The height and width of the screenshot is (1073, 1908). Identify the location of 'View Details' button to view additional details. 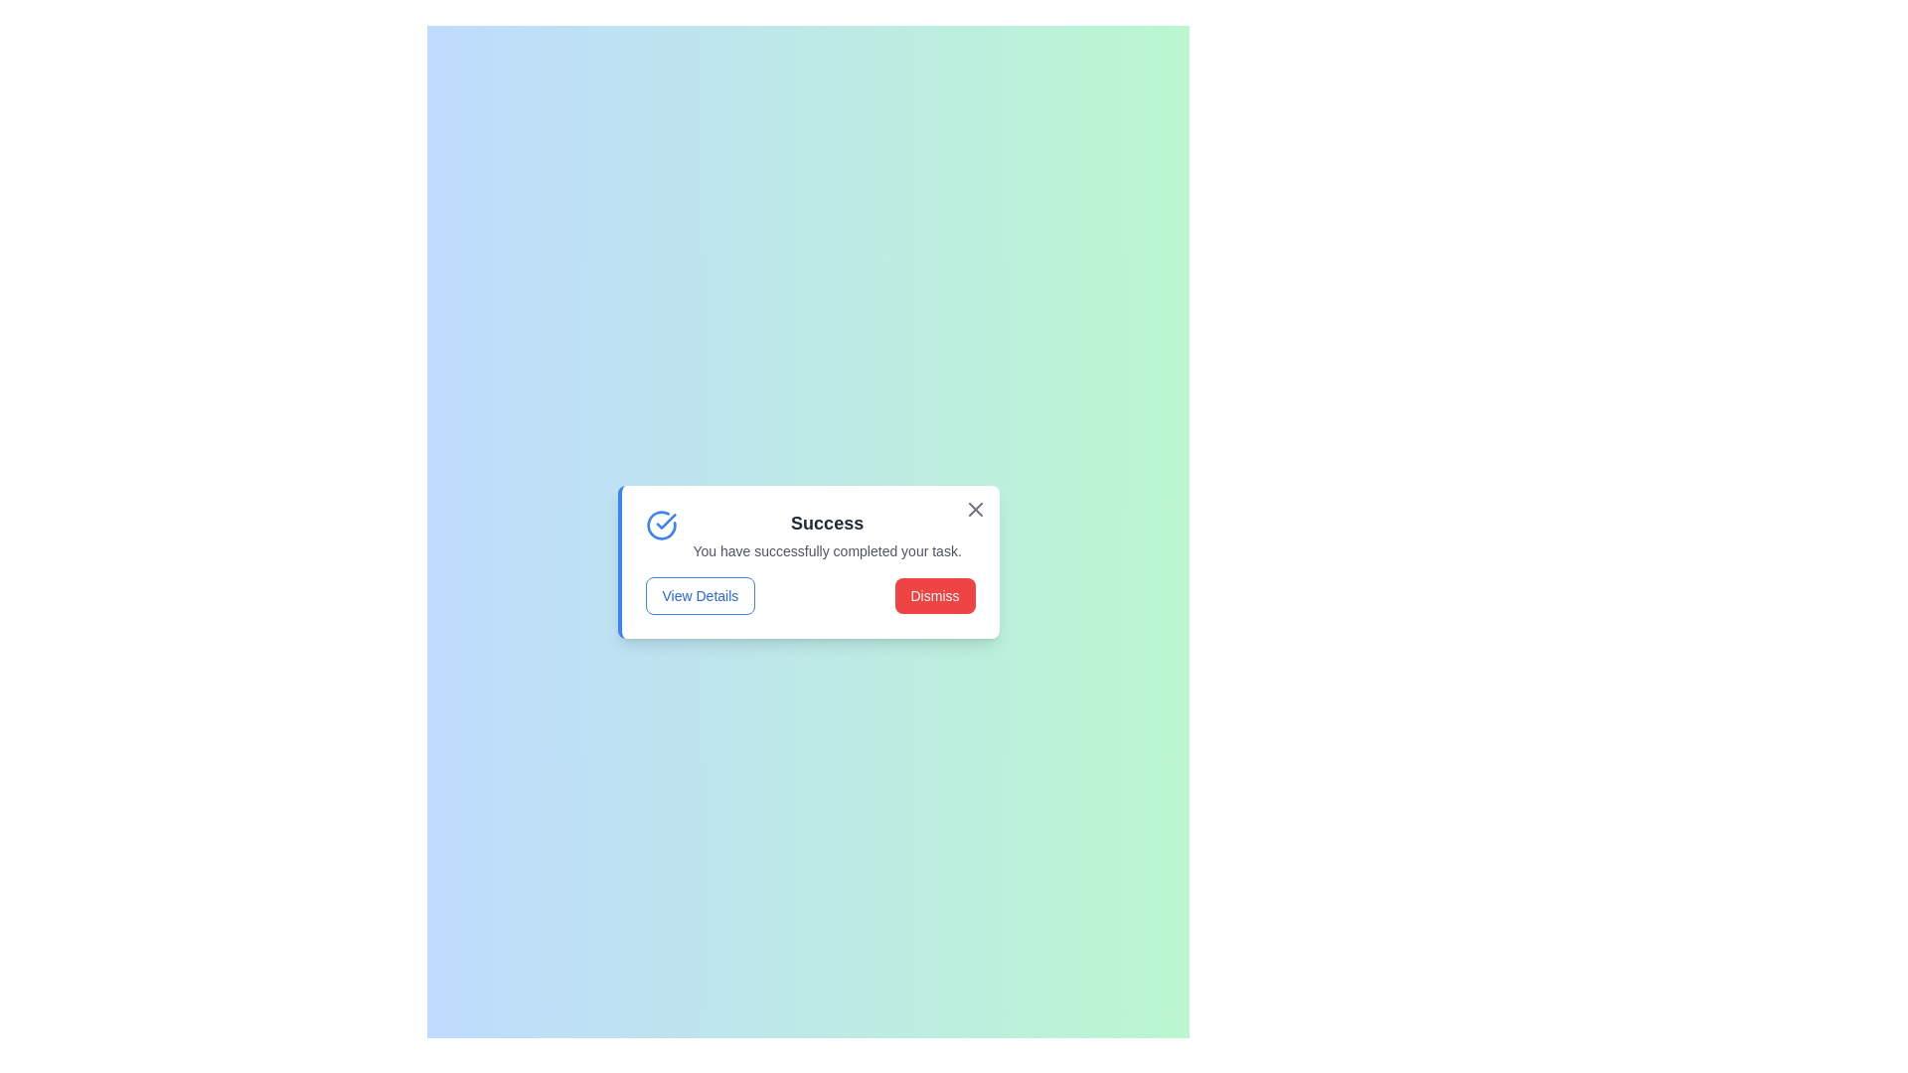
(700, 595).